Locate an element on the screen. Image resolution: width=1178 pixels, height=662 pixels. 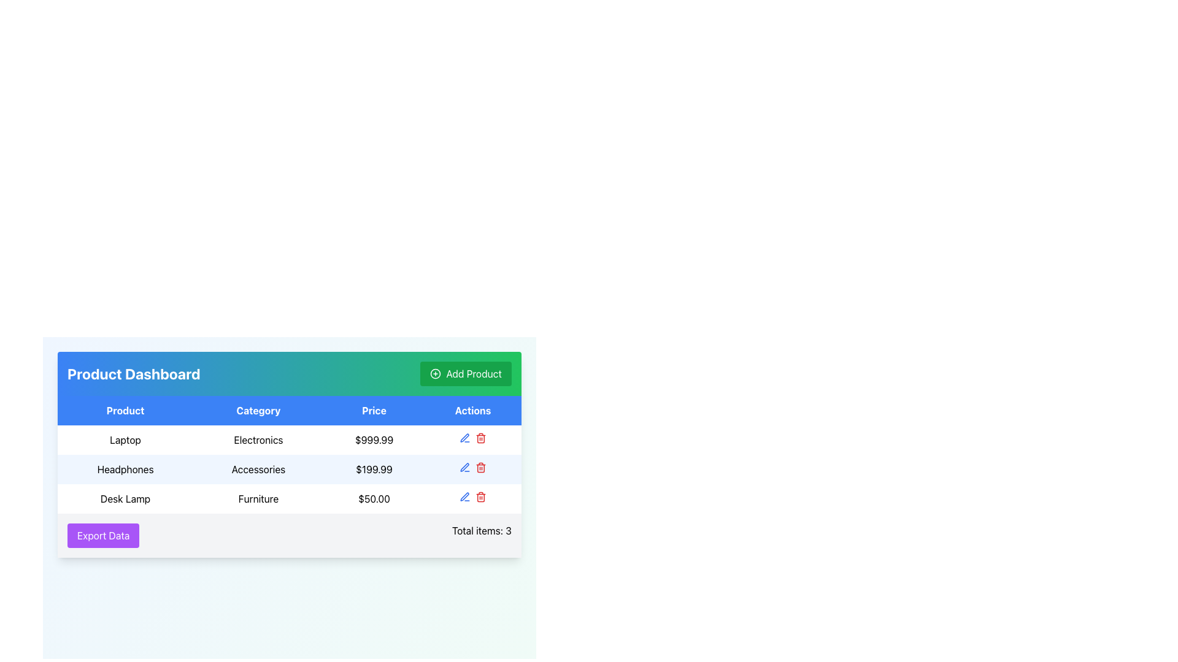
the Pen or Edit icon in the Actions column of the second row for the Headphones product entry is located at coordinates (464, 467).